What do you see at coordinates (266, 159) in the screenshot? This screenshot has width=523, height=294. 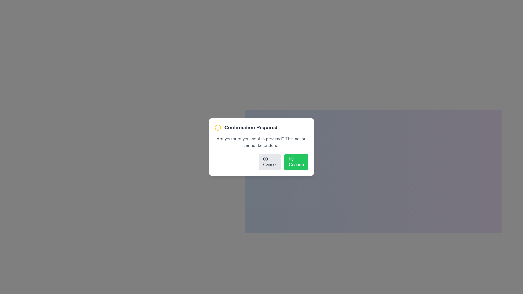 I see `the appearance of the cancel icon located within the 'Cancel' button at the bottom section of the modal confirmation dialog box` at bounding box center [266, 159].